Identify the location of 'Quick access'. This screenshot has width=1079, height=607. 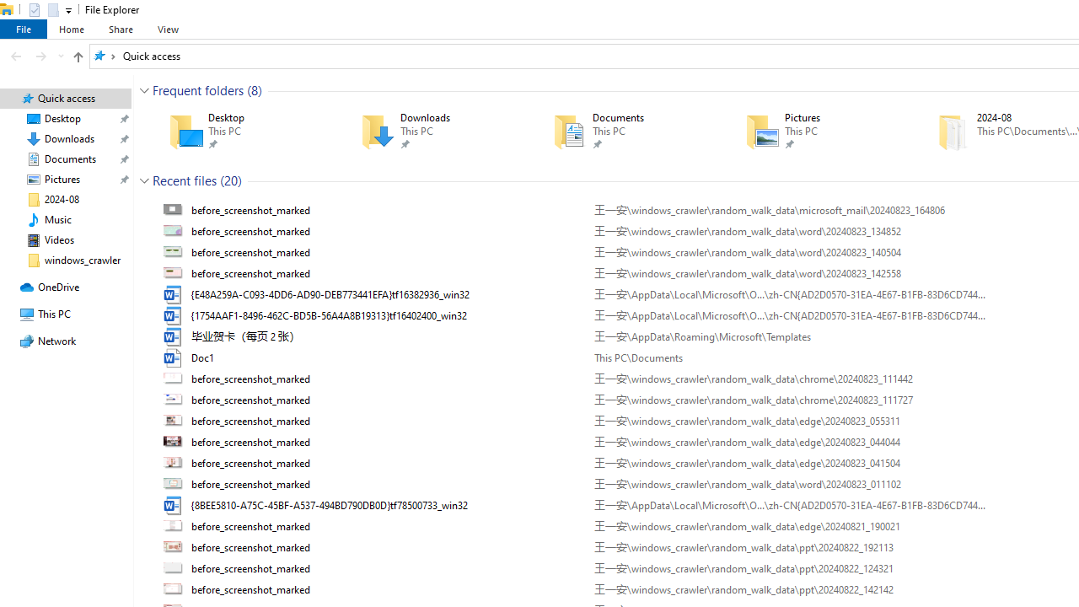
(151, 55).